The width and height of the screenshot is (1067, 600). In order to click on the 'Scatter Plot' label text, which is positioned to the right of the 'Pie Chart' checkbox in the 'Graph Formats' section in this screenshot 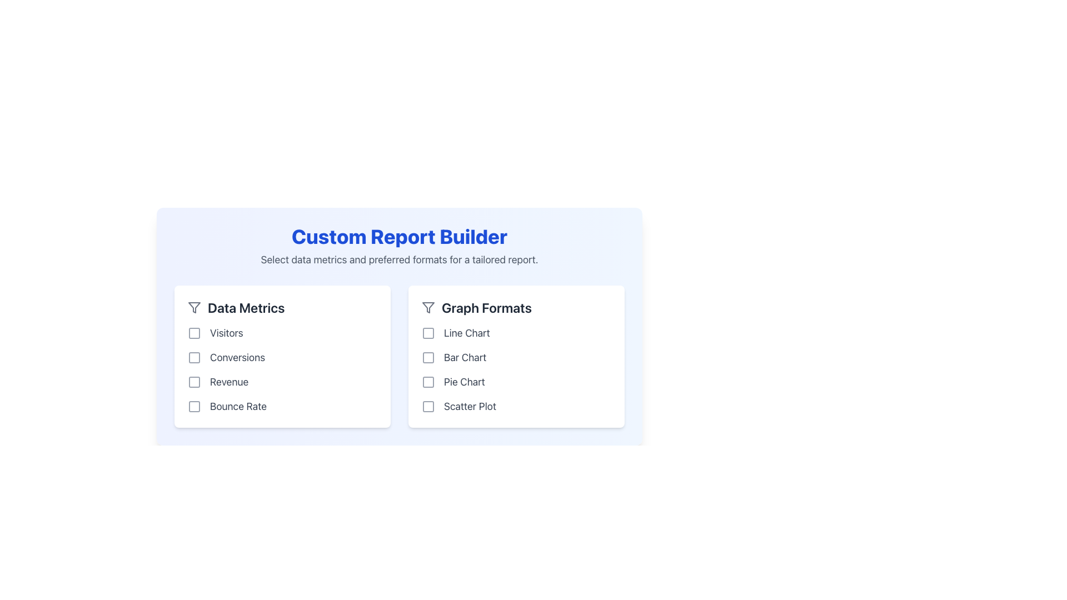, I will do `click(470, 407)`.